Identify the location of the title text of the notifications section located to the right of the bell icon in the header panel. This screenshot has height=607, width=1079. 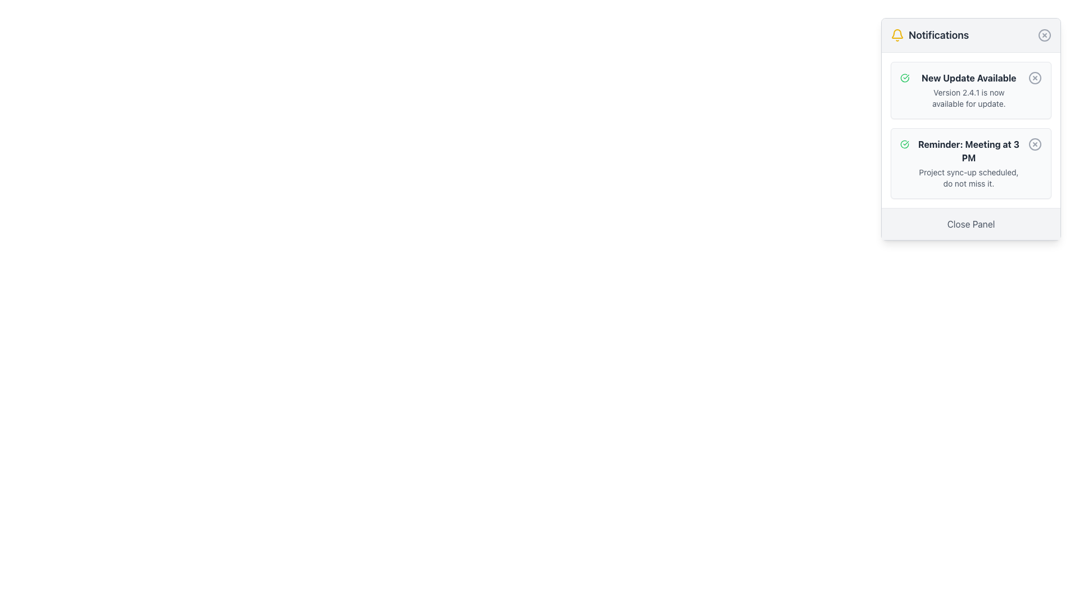
(939, 34).